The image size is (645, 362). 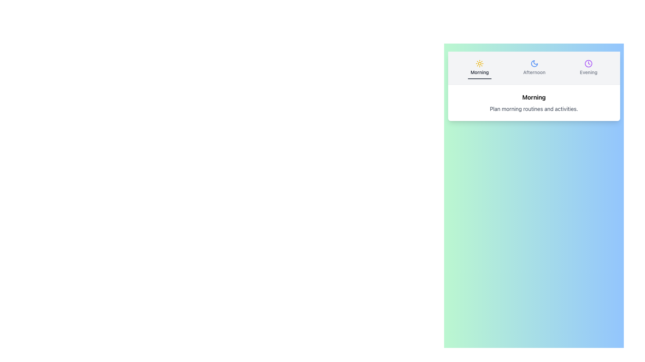 I want to click on the blue circular icon with a crescent moon shape in the center, located in the 'Afternoon' section of the interface, so click(x=534, y=63).